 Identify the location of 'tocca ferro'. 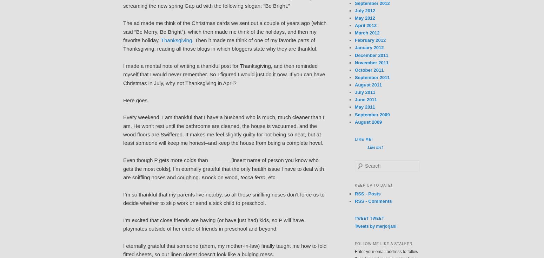
(253, 176).